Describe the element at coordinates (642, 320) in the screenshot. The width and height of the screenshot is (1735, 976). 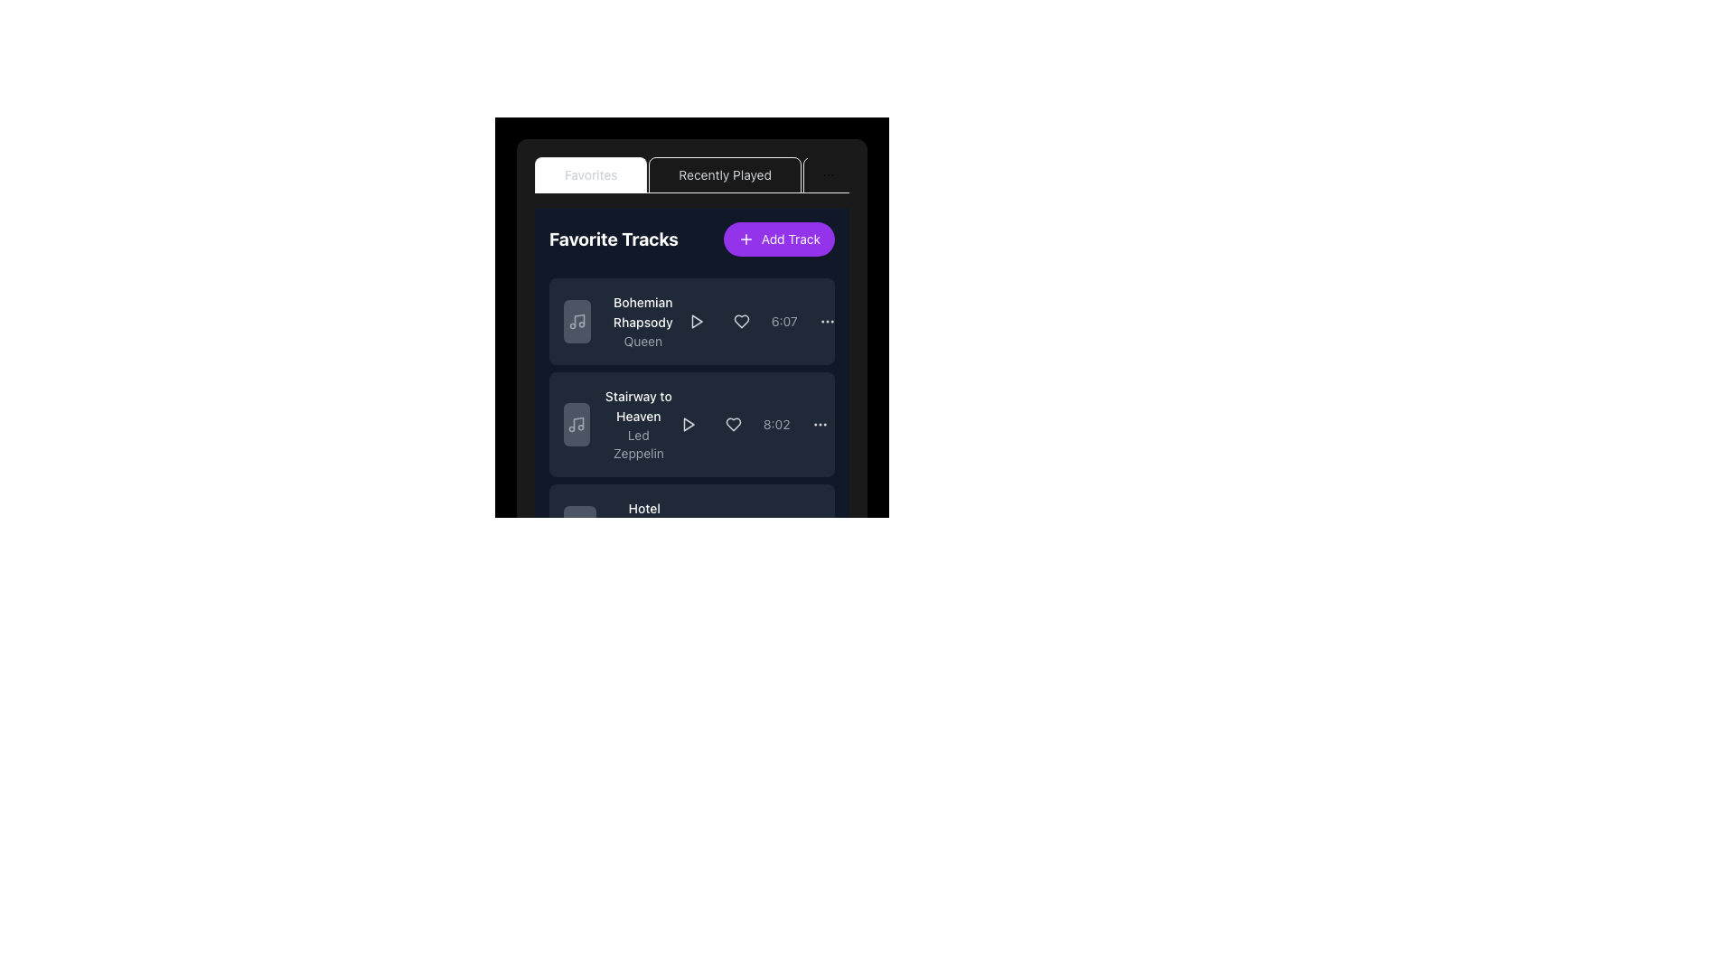
I see `label displaying the title 'Bohemian Rhapsody' and the artist 'Queen' in a vertically aligned list of music tracks` at that location.